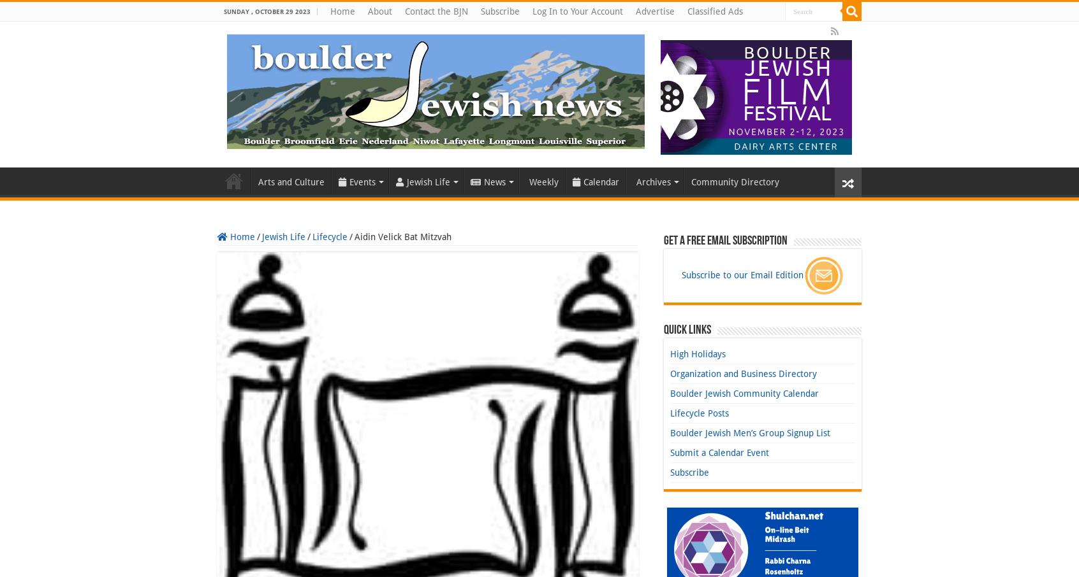  Describe the element at coordinates (742, 373) in the screenshot. I see `'Organization and Business Directory'` at that location.